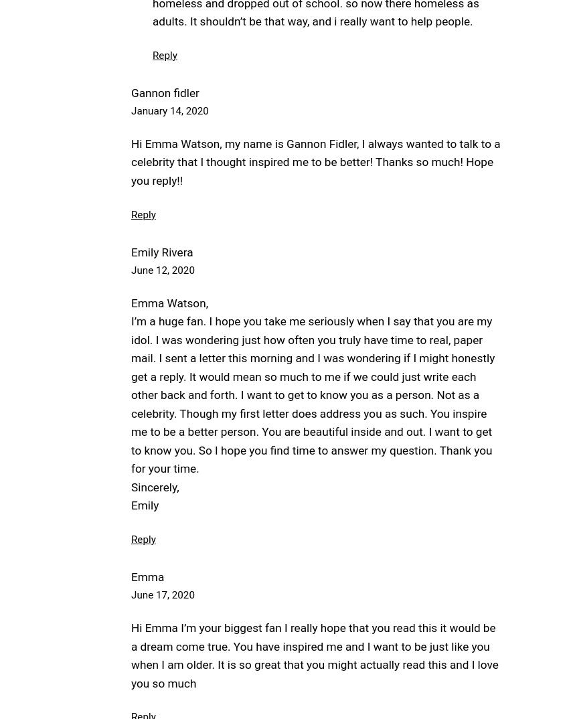  What do you see at coordinates (165, 92) in the screenshot?
I see `'Gannon fidler'` at bounding box center [165, 92].